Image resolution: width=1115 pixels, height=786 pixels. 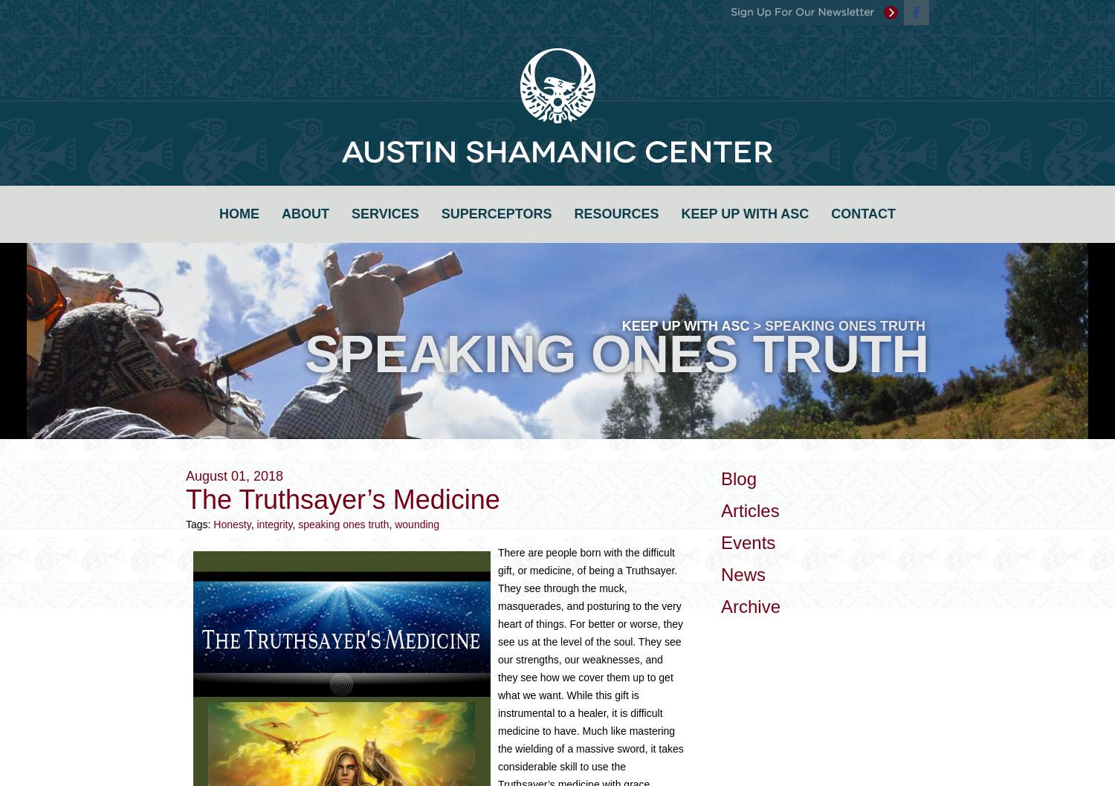 I want to click on '*Phone:', so click(x=462, y=249).